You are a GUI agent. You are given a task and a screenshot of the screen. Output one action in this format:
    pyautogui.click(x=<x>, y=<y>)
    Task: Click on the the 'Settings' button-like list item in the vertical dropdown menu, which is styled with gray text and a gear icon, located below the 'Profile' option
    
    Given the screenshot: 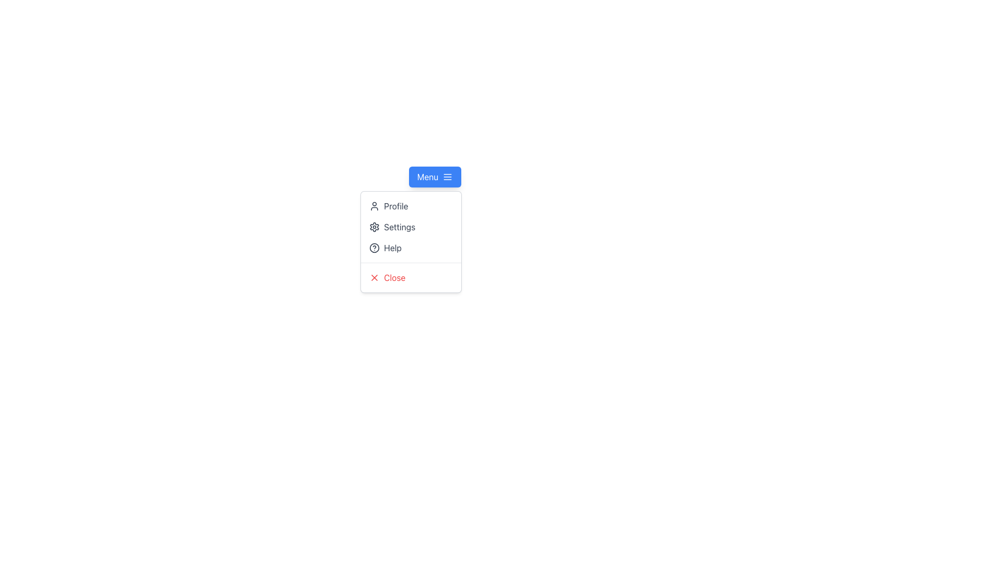 What is the action you would take?
    pyautogui.click(x=411, y=227)
    